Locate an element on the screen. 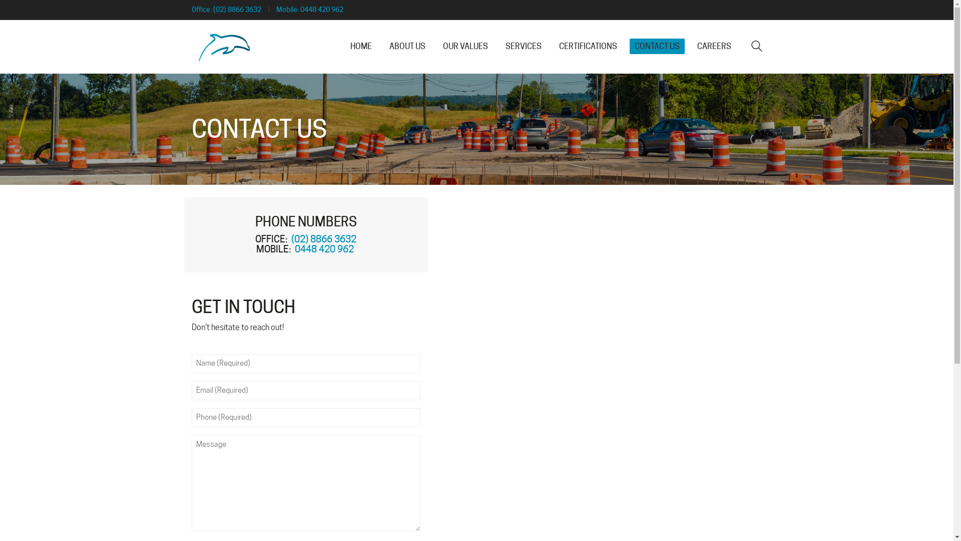  'OUR VALUES' is located at coordinates (437, 46).